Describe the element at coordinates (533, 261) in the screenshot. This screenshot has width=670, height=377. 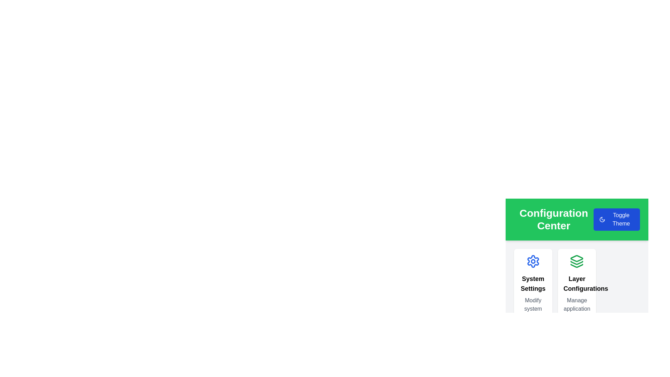
I see `the system settings icon located at the center of the 'System Settings' tile within the 'Configuration Center' interface` at that location.